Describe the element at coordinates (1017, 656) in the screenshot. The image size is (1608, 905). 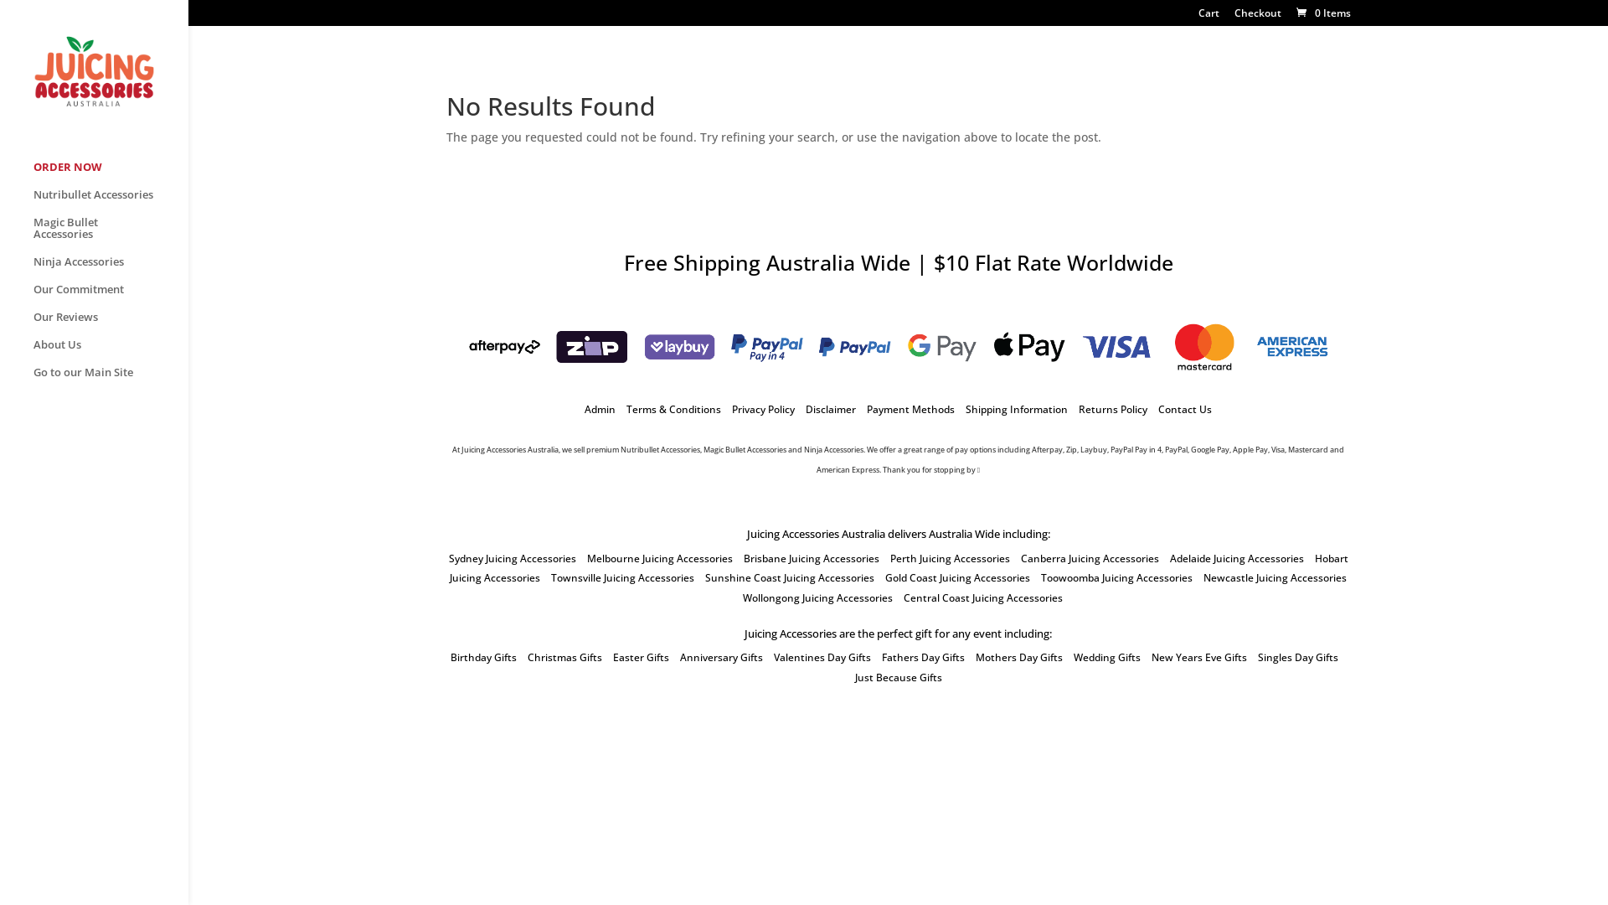
I see `'Mothers Day Gifts'` at that location.